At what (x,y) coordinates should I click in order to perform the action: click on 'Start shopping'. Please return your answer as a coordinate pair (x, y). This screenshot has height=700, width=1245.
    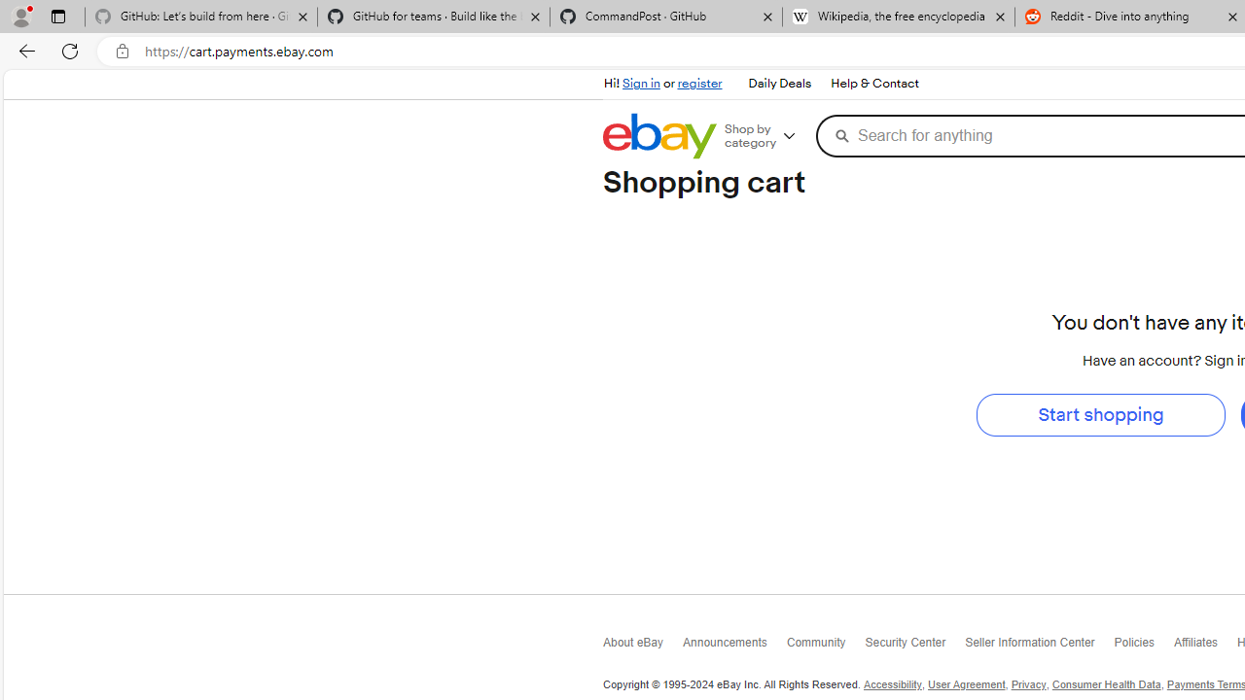
    Looking at the image, I should click on (1100, 413).